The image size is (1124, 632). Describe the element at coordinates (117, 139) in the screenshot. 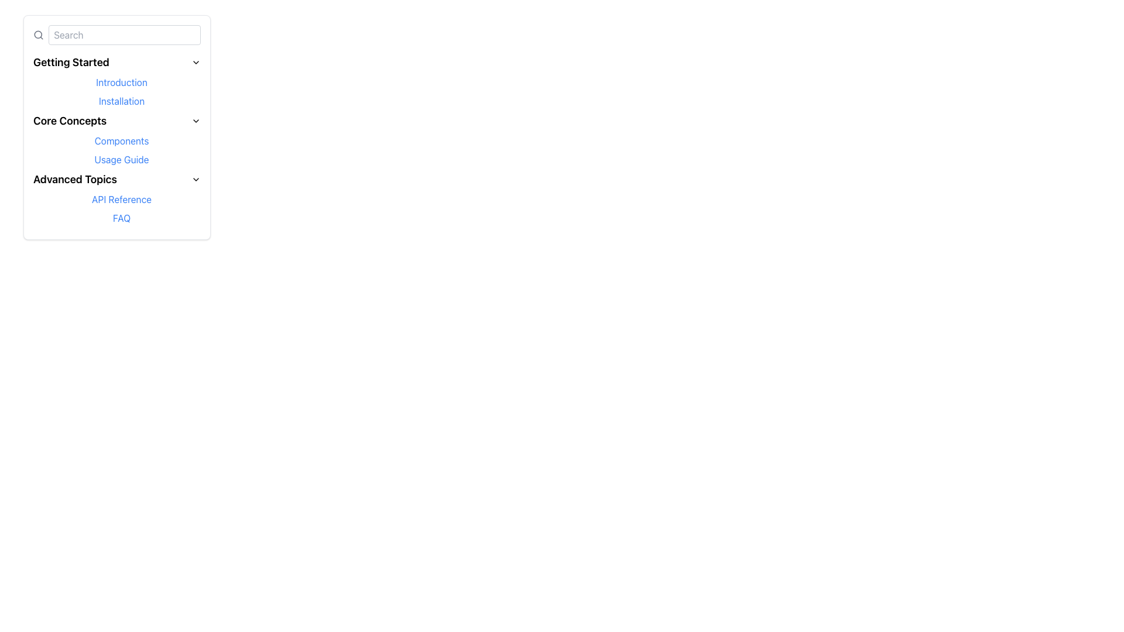

I see `the 'Components' link in the Navigational Section located in the sidebar, which is the third section from the top` at that location.